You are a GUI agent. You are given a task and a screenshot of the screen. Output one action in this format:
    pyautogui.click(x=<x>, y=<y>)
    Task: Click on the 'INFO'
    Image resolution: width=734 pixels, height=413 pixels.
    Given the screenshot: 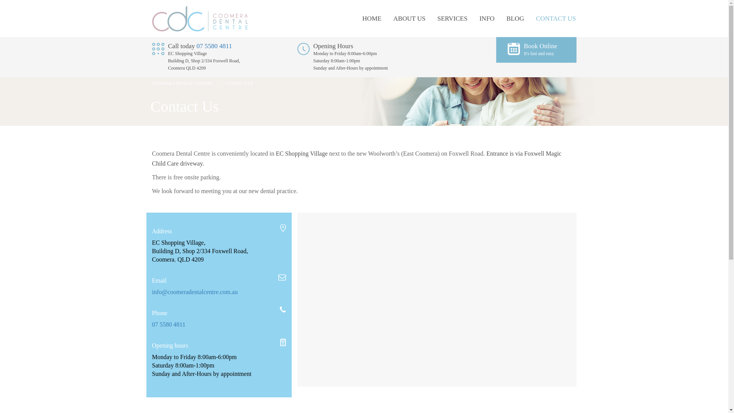 What is the action you would take?
    pyautogui.click(x=479, y=18)
    